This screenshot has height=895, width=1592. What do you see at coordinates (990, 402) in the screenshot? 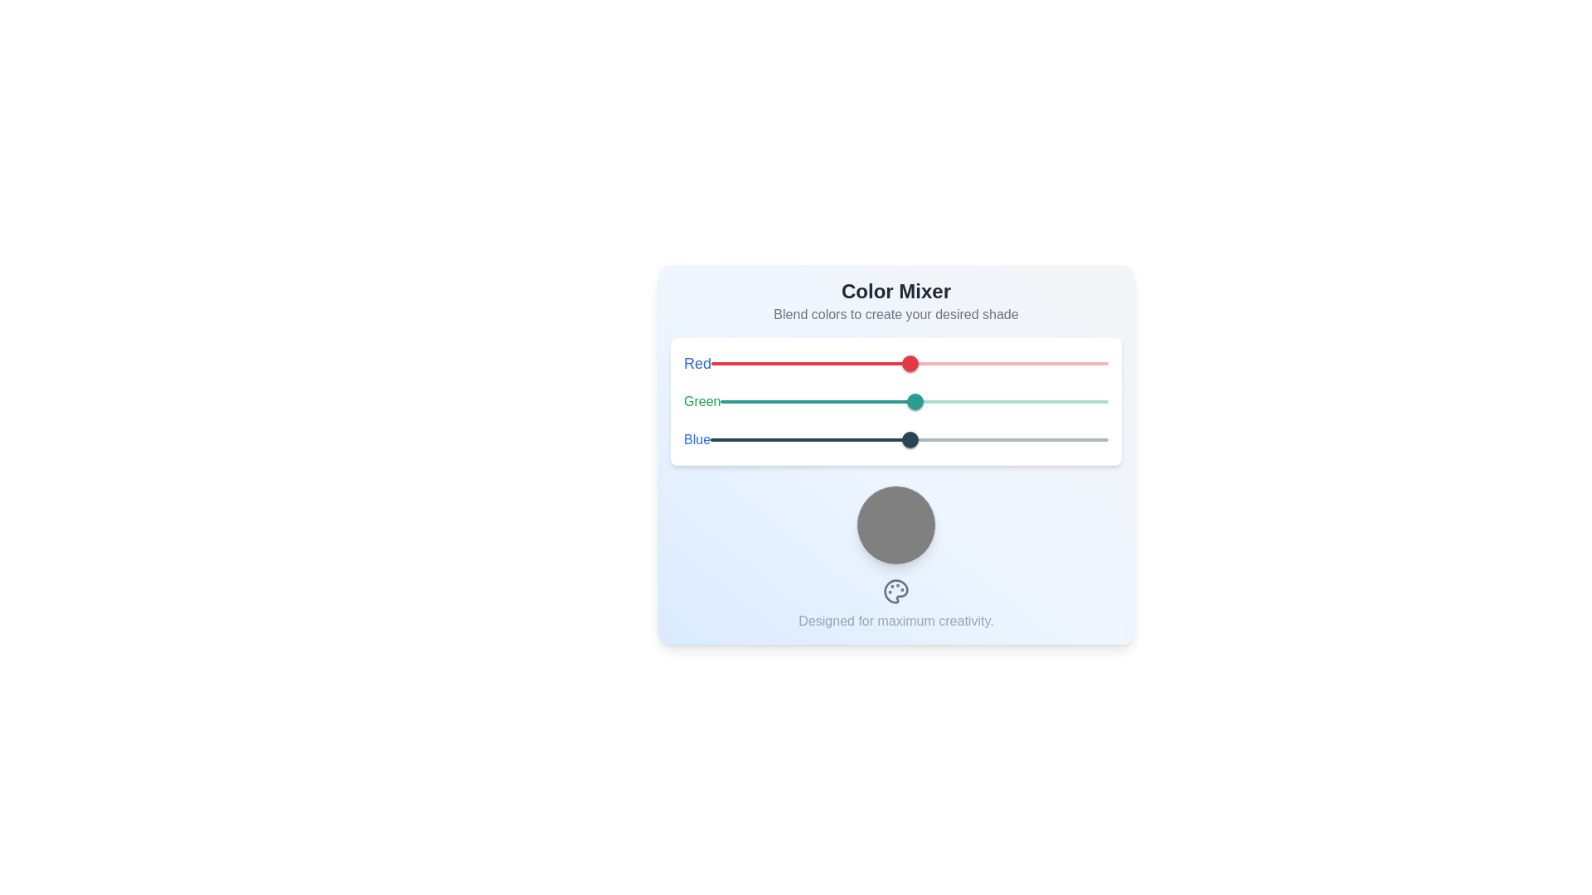
I see `the green value` at bounding box center [990, 402].